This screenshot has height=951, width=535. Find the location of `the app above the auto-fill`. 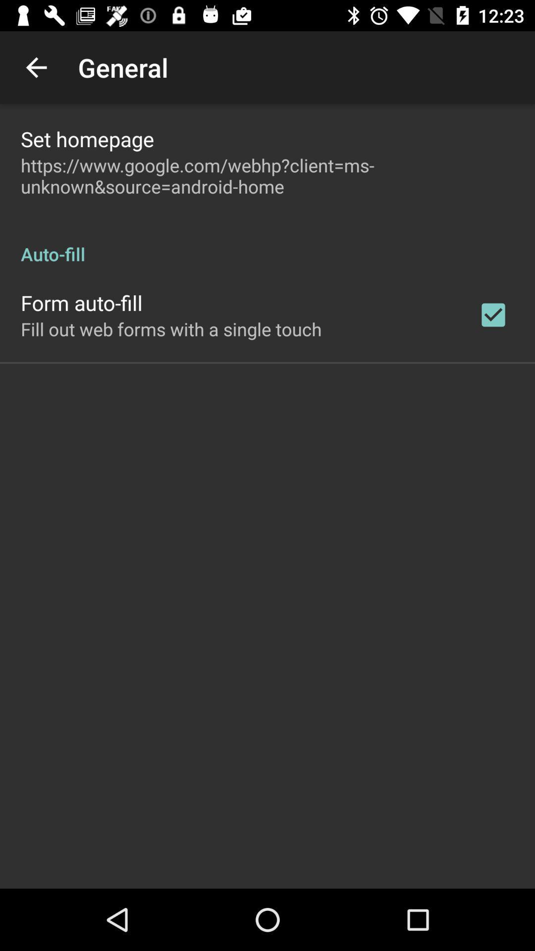

the app above the auto-fill is located at coordinates (267, 176).